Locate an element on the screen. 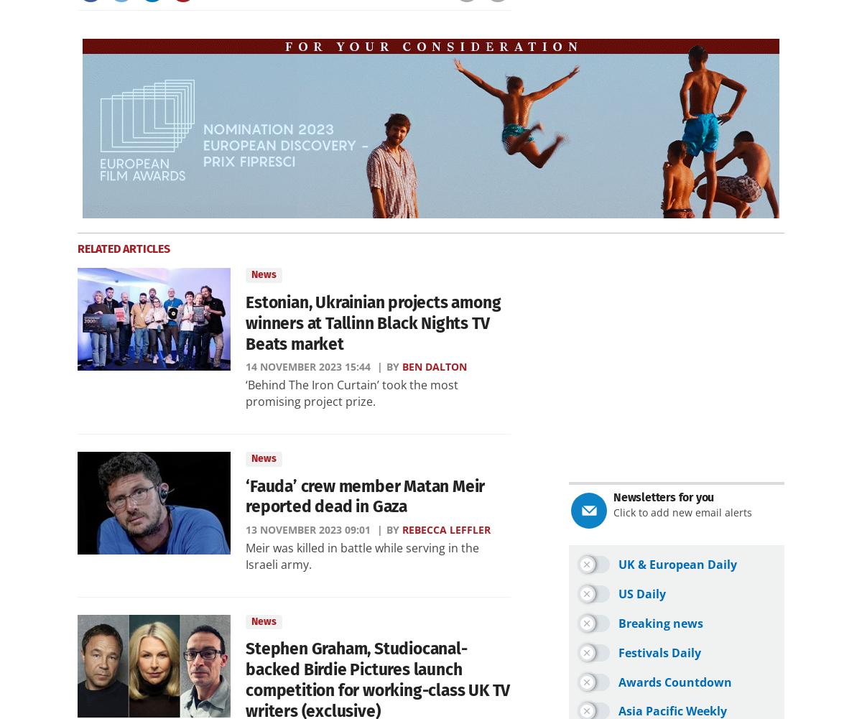 The width and height of the screenshot is (862, 719). 'Click to add new email alerts' is located at coordinates (682, 511).